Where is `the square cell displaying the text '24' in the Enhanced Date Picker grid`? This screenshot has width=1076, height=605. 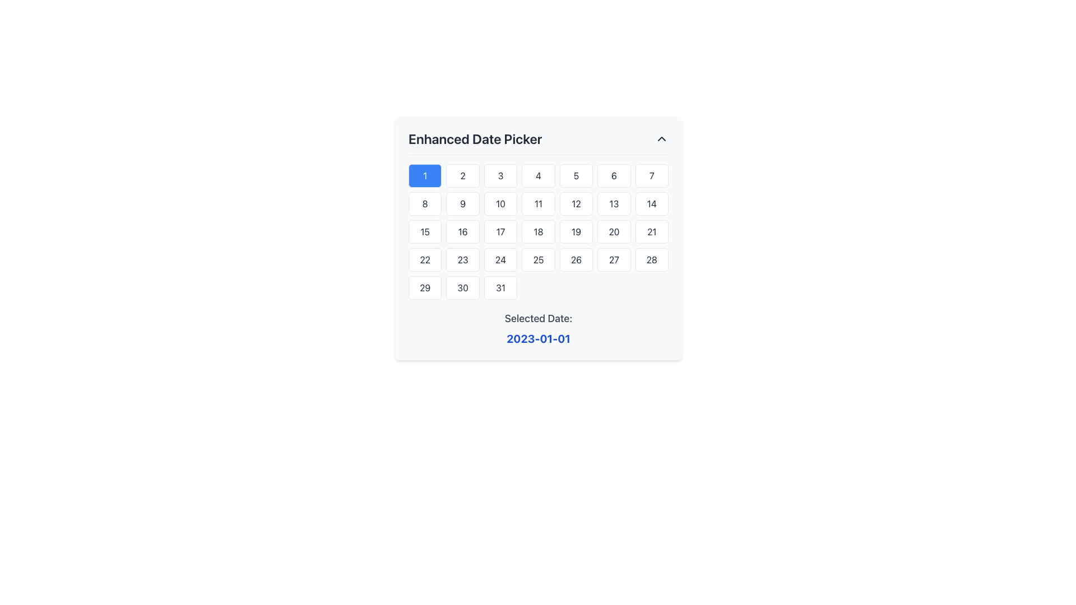 the square cell displaying the text '24' in the Enhanced Date Picker grid is located at coordinates (500, 259).